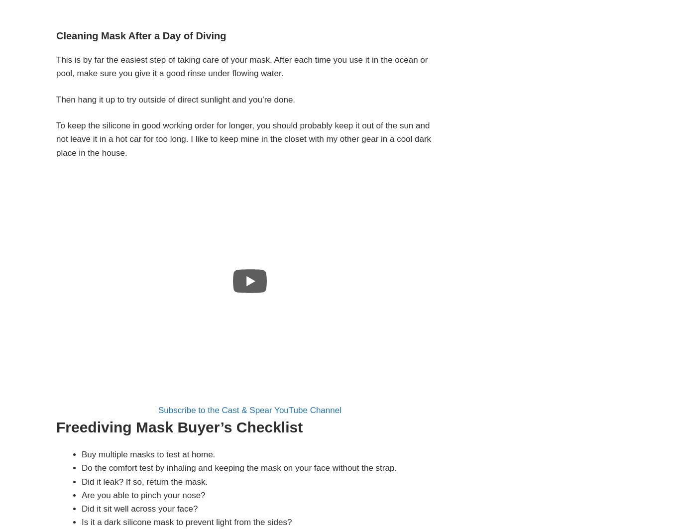  I want to click on 'Is it a dark silicone mask to prevent light from the sides?', so click(186, 522).